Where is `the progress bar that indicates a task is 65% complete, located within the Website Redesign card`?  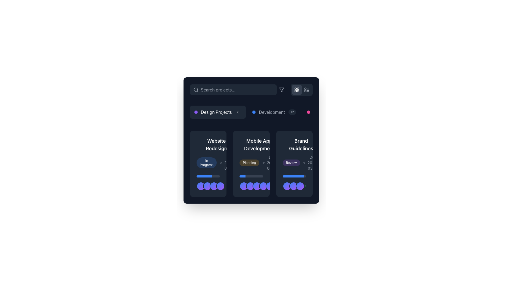
the progress bar that indicates a task is 65% complete, located within the Website Redesign card is located at coordinates (204, 176).